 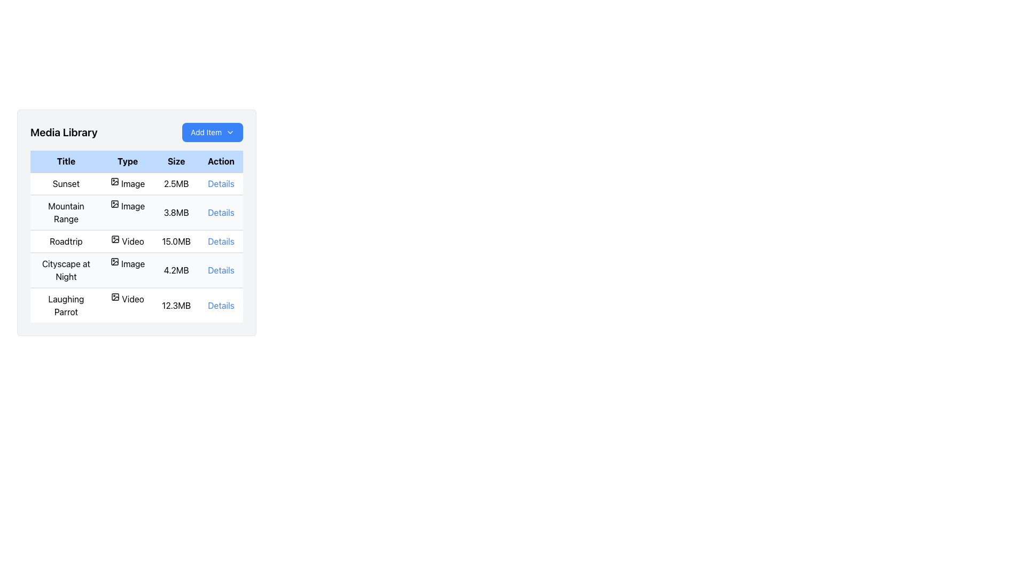 What do you see at coordinates (220, 183) in the screenshot?
I see `the blue text link labeled 'Details' in the 'Action' column of the 'Media Library' table` at bounding box center [220, 183].